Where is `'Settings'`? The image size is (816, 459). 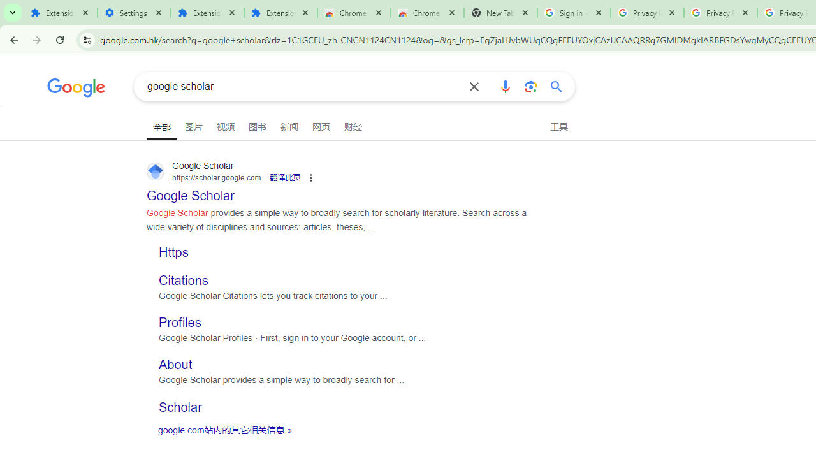 'Settings' is located at coordinates (133, 13).